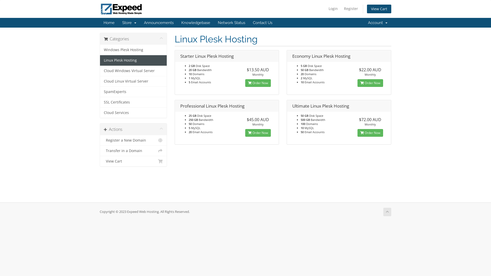  Describe the element at coordinates (133, 161) in the screenshot. I see `'  View Cart'` at that location.